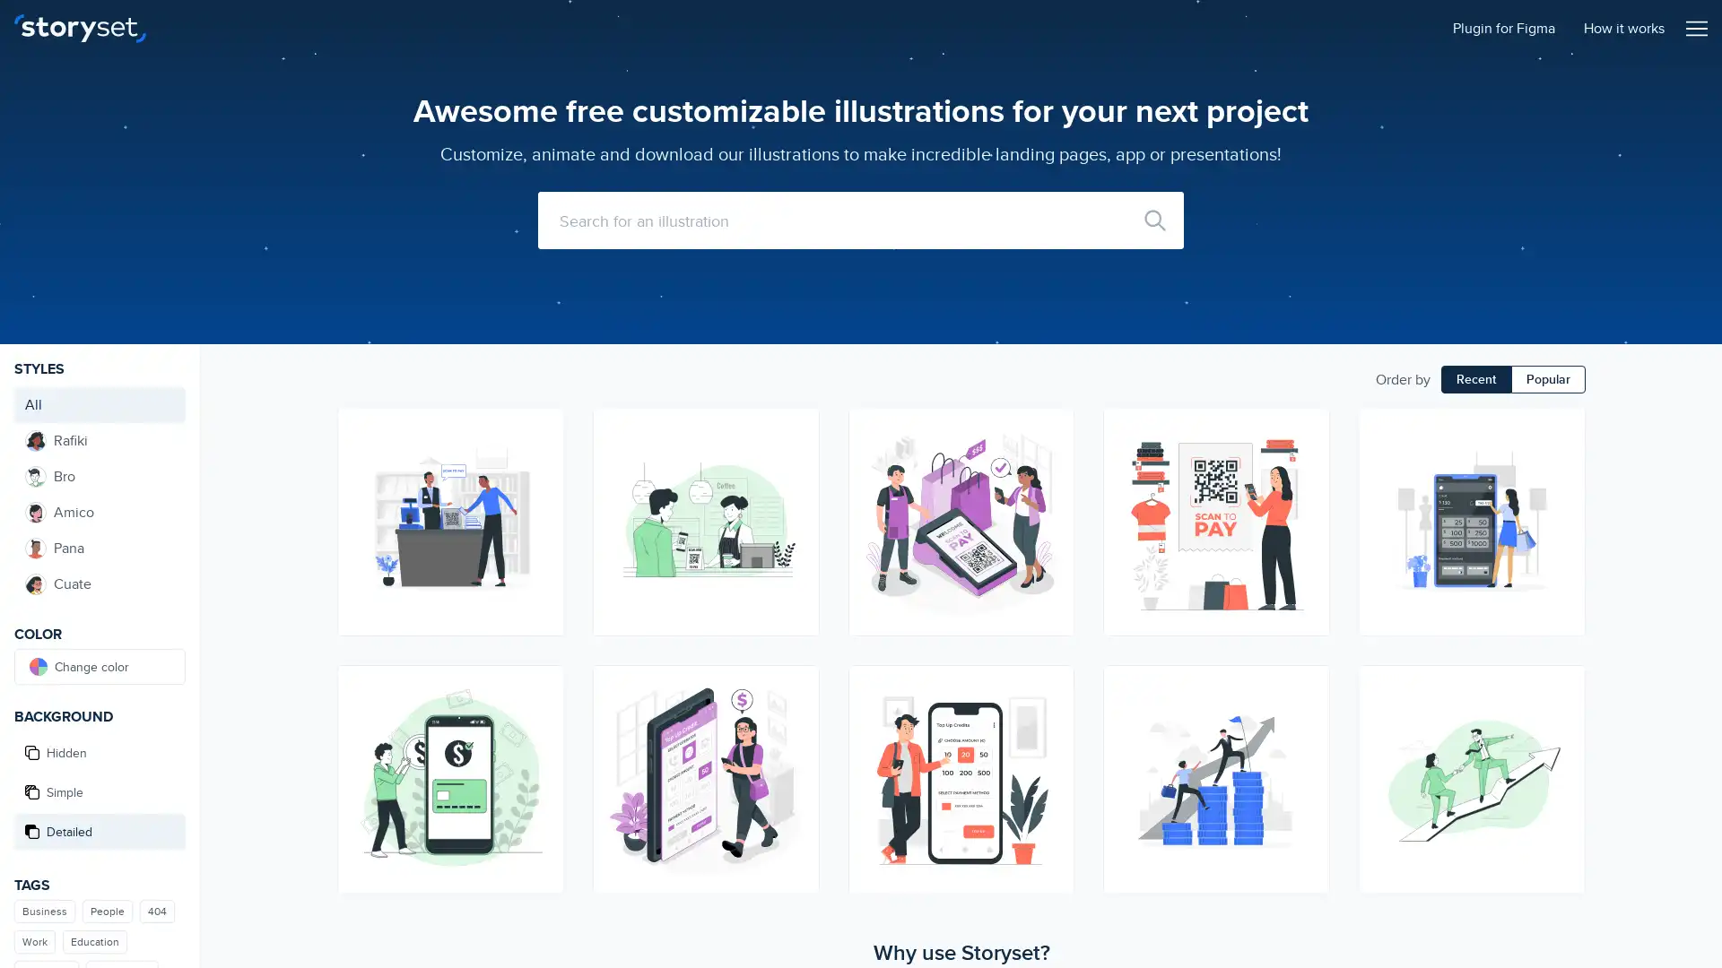 Image resolution: width=1722 pixels, height=968 pixels. Describe the element at coordinates (1308, 494) in the screenshot. I see `Pinterest icon Save` at that location.